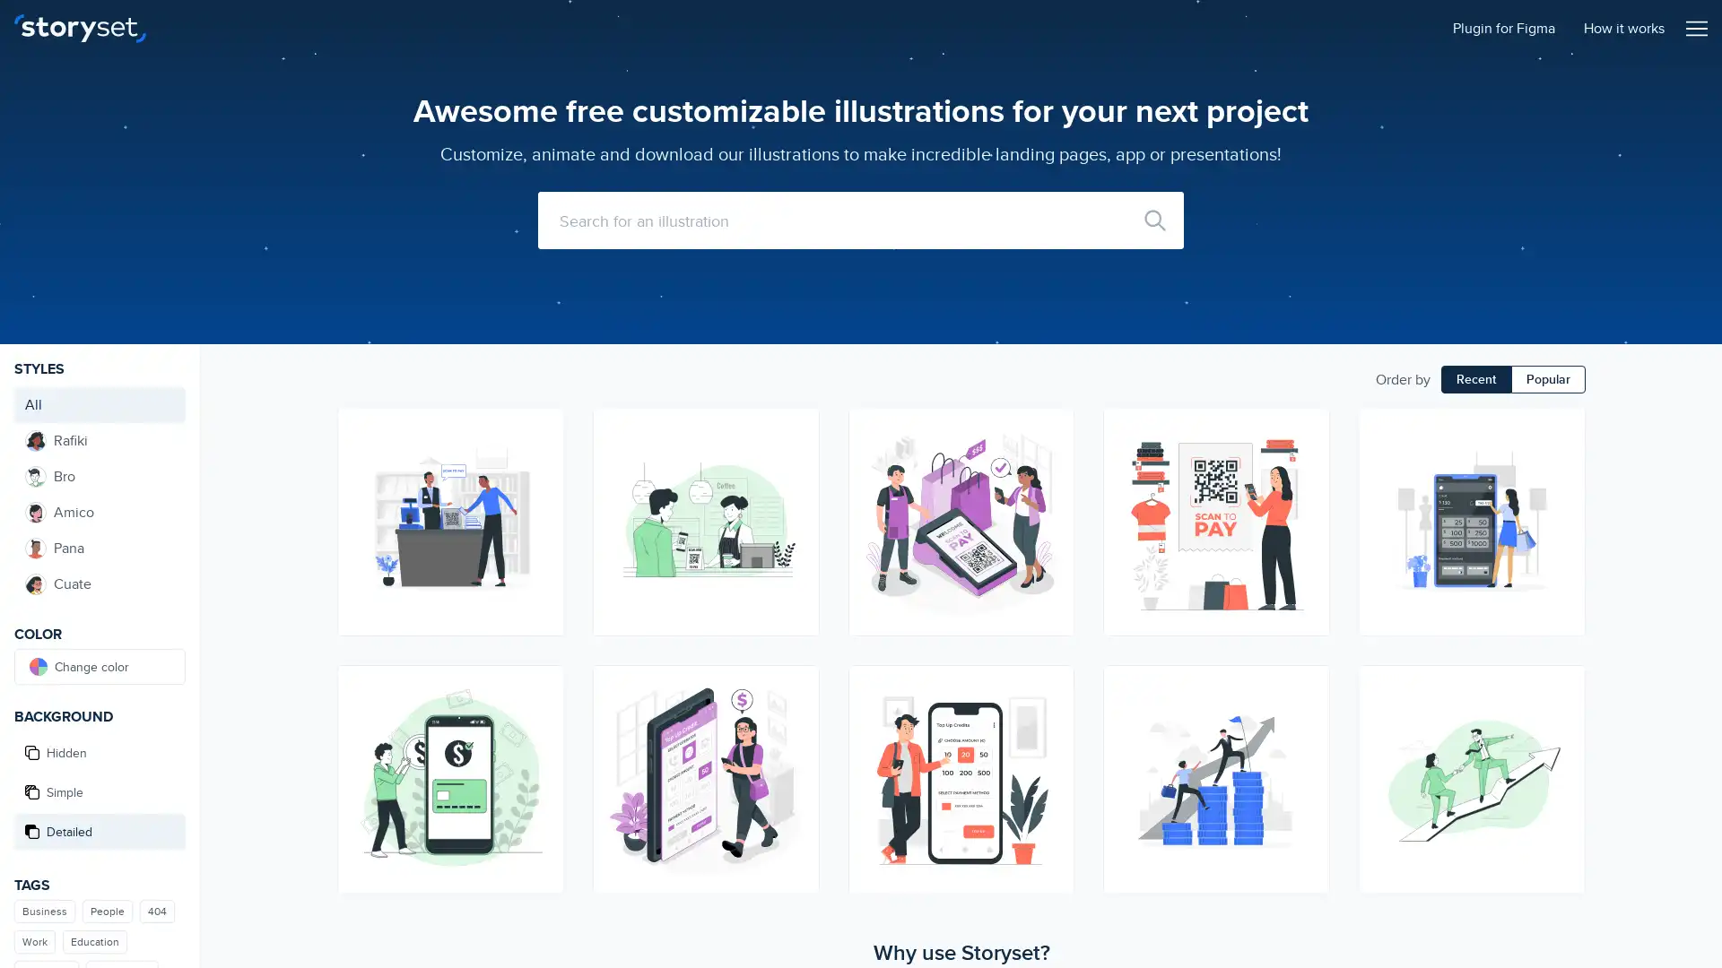 Image resolution: width=1722 pixels, height=968 pixels. Describe the element at coordinates (1308, 494) in the screenshot. I see `Pinterest icon Save` at that location.